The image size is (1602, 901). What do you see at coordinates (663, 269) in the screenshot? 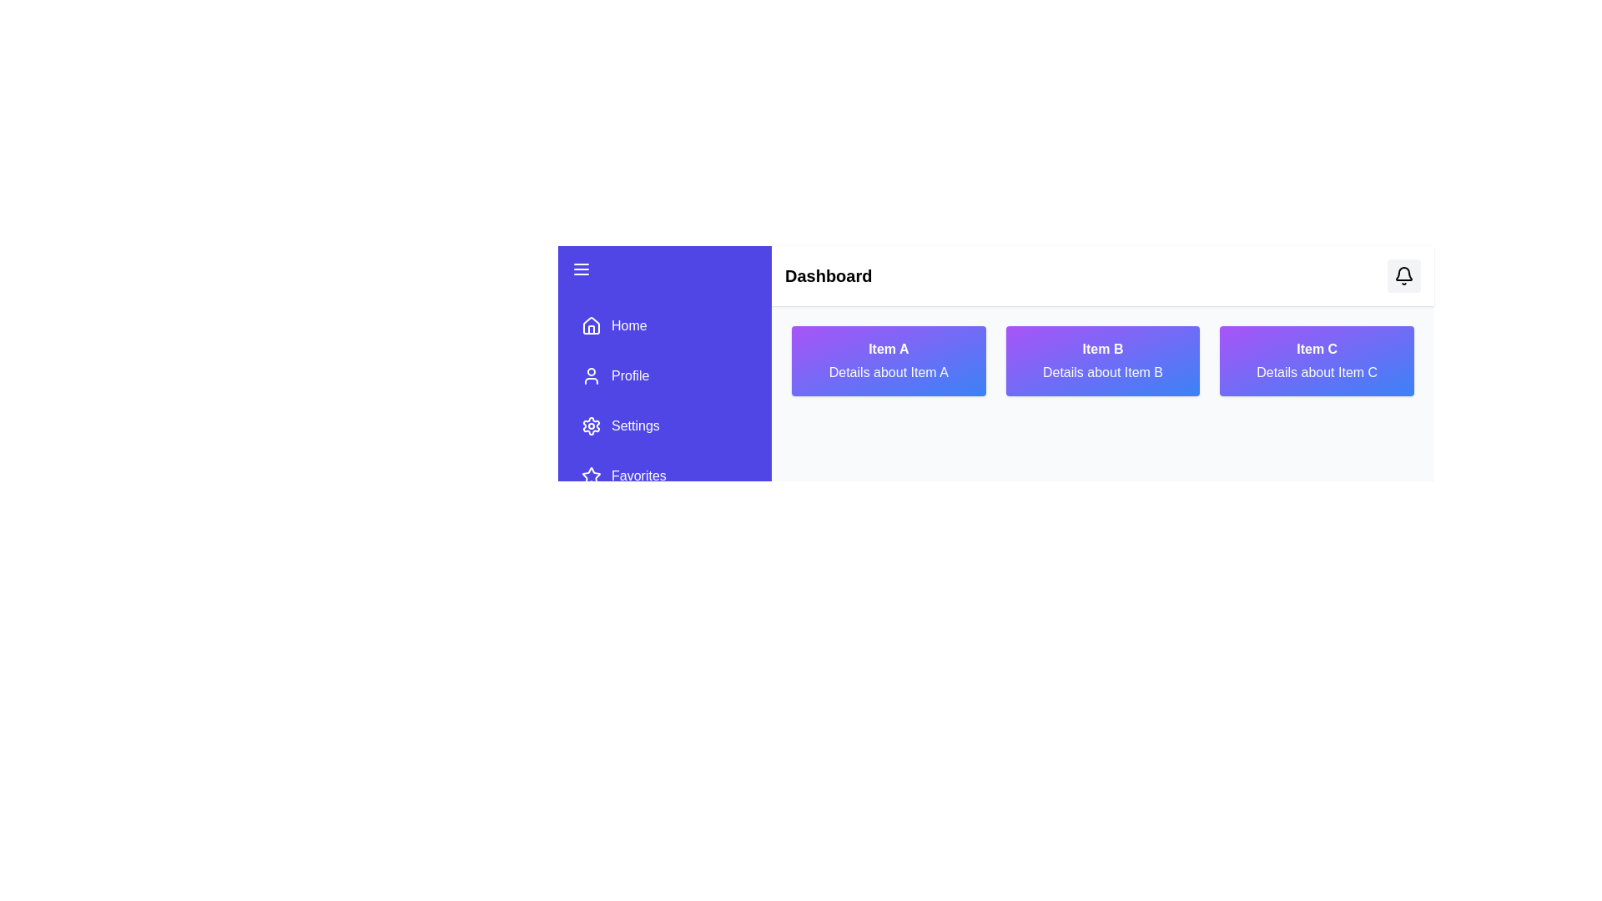
I see `the toggle button located at the top of the sidebar` at bounding box center [663, 269].